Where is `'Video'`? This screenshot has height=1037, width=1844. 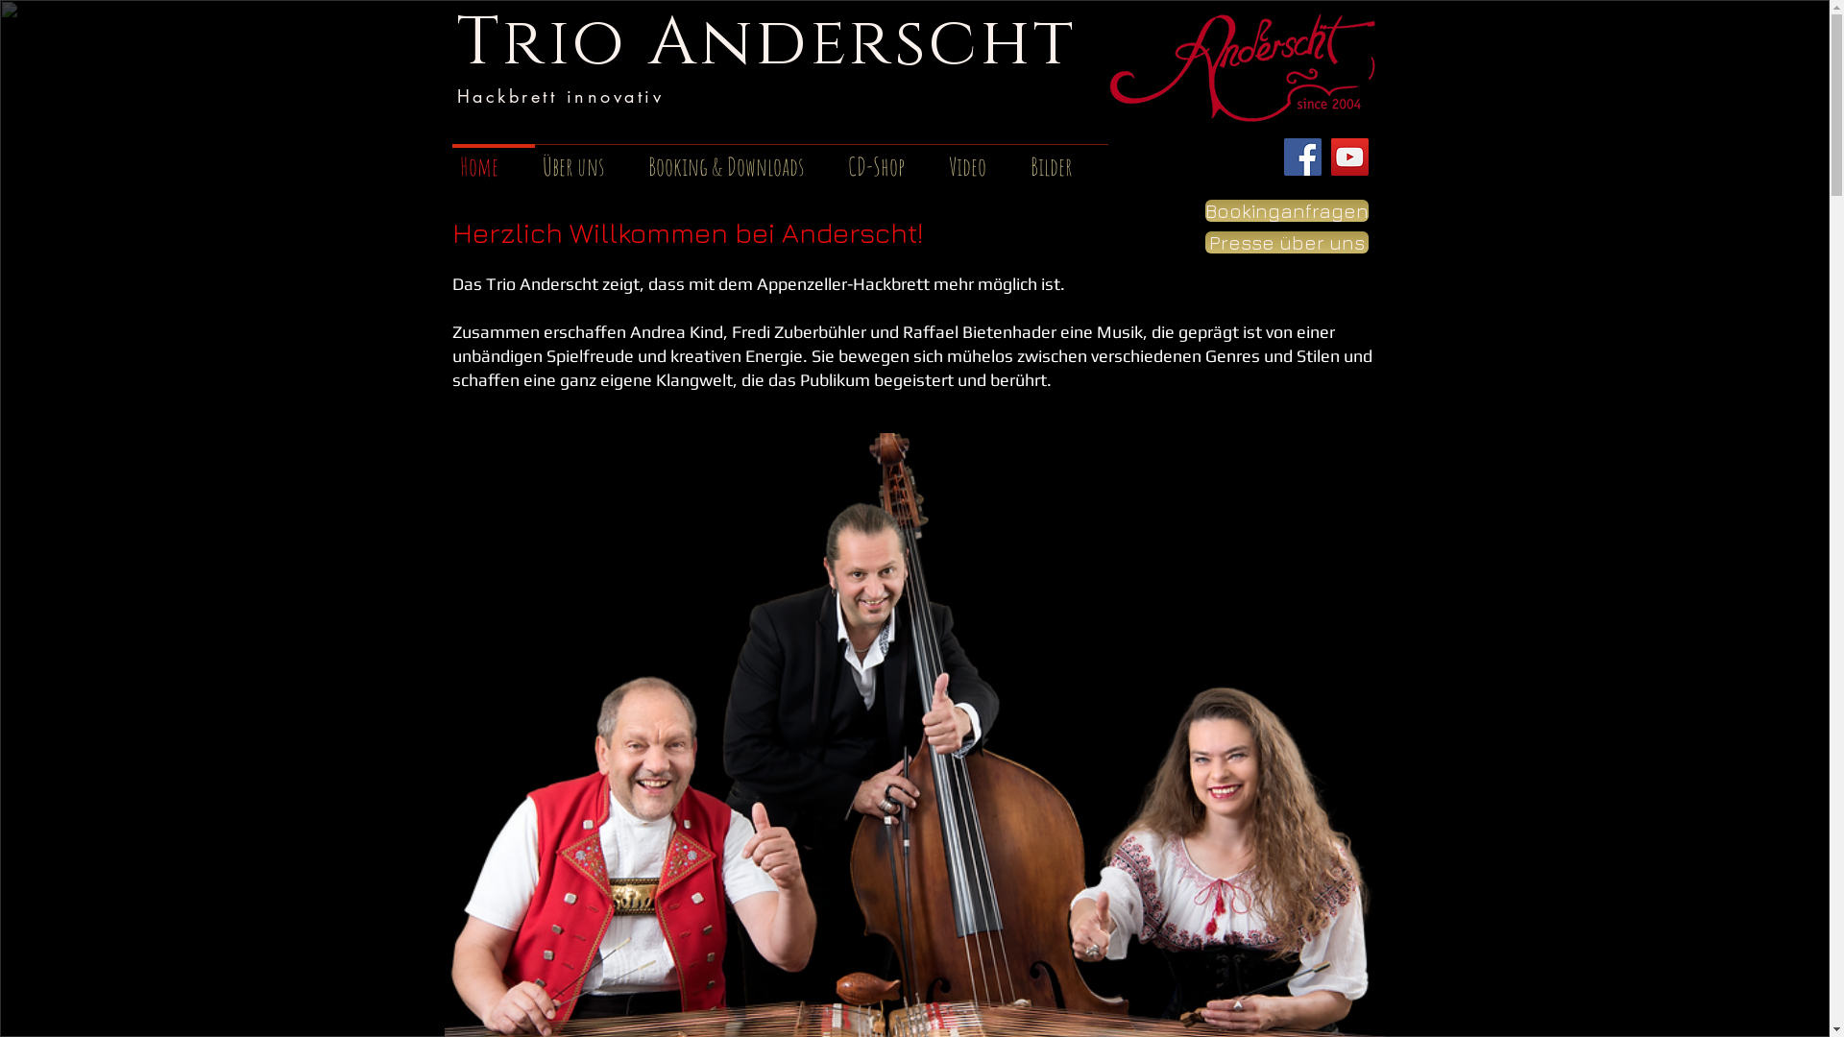 'Video' is located at coordinates (940, 157).